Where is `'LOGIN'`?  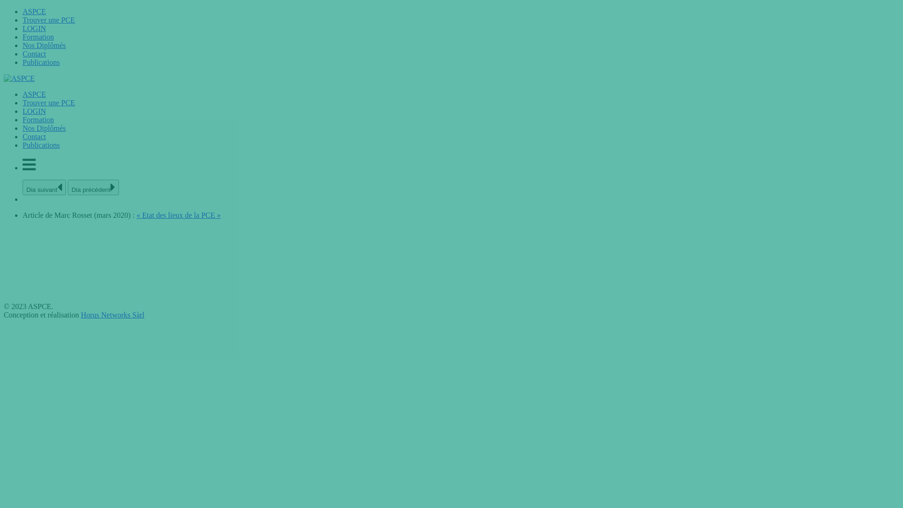 'LOGIN' is located at coordinates (23, 28).